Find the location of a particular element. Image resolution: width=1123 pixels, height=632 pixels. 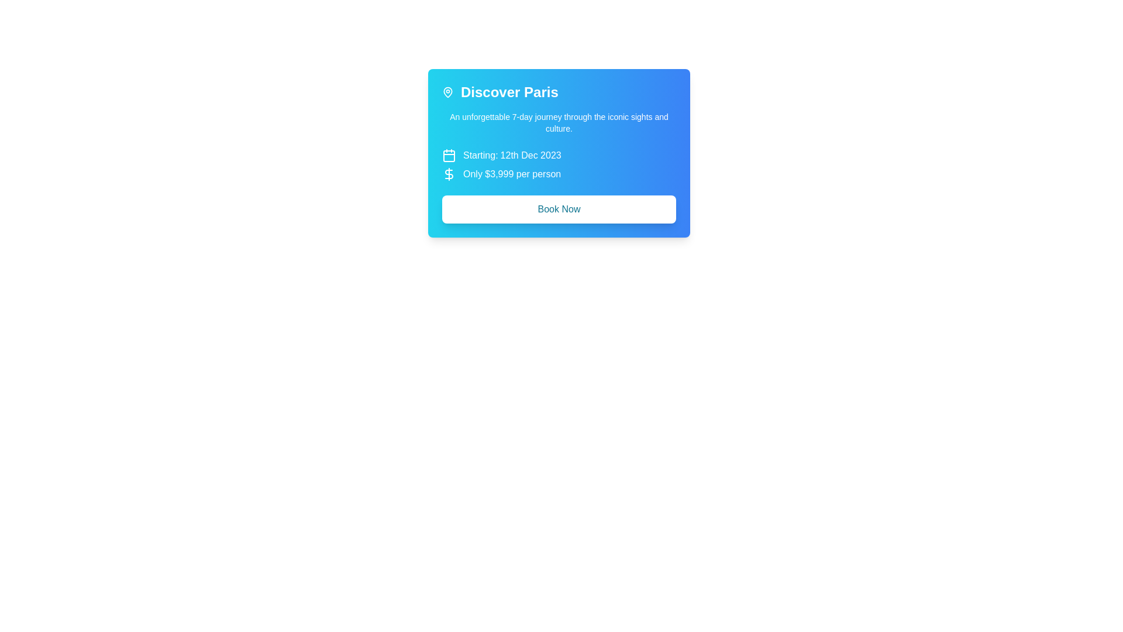

the button located below the 'Discover Paris' tour advertisement to proceed with booking the tour is located at coordinates (558, 209).